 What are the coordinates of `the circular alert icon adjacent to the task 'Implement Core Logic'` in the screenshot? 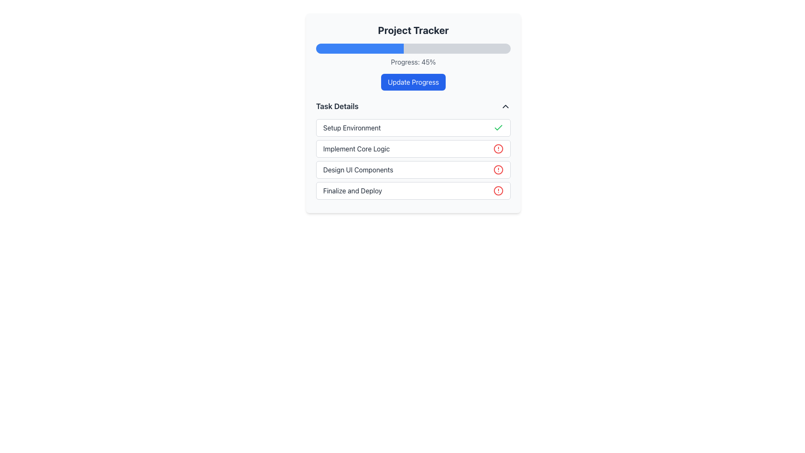 It's located at (499, 148).